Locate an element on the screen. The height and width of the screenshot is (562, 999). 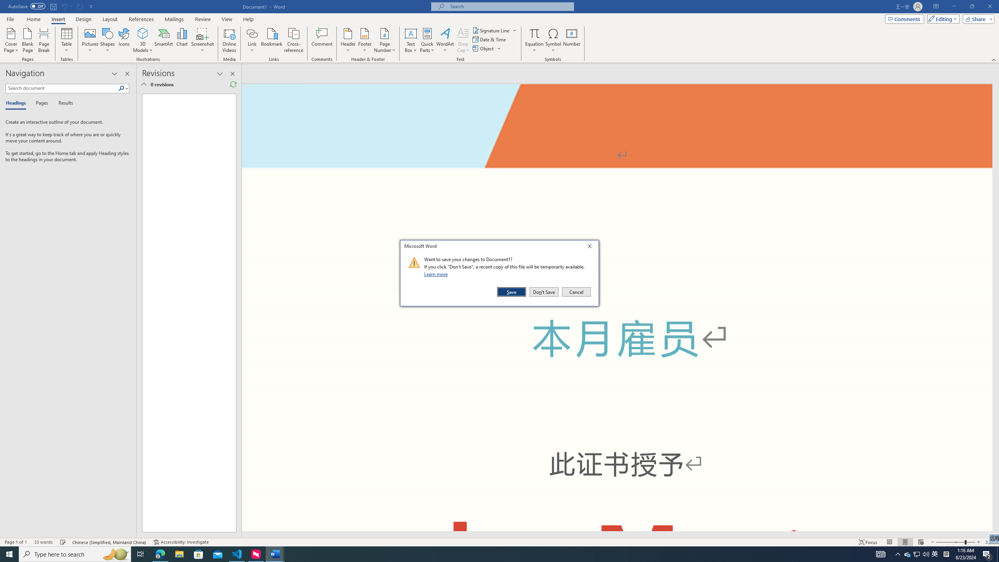
'3D Models' is located at coordinates (143, 33).